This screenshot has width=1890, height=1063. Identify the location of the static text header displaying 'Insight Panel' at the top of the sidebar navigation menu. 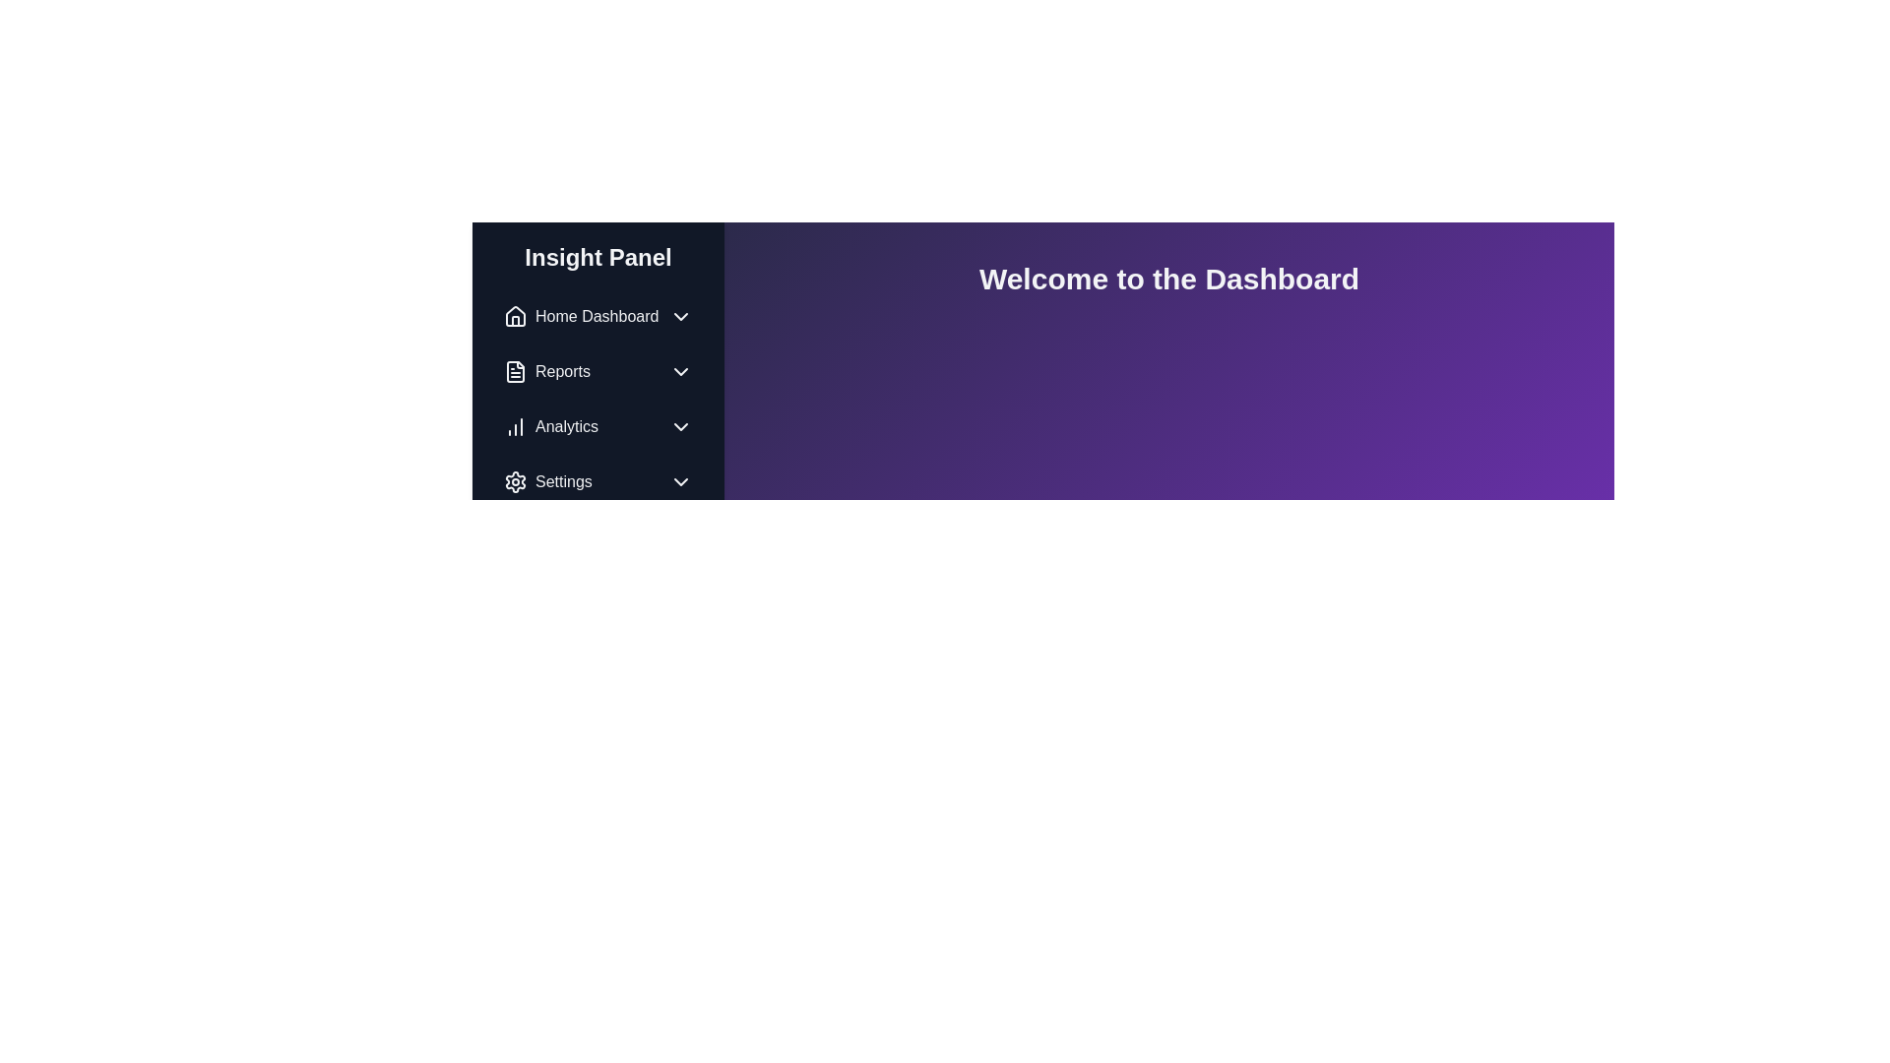
(598, 257).